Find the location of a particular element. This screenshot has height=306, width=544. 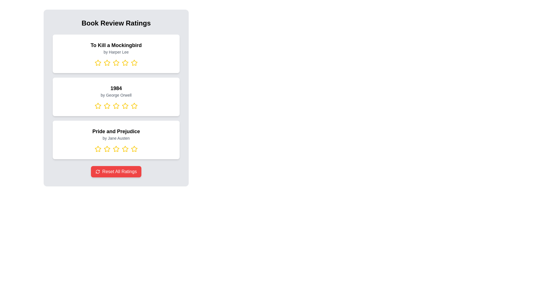

the rating for a book by selecting 3 stars for the book titled 1984 is located at coordinates (116, 106).